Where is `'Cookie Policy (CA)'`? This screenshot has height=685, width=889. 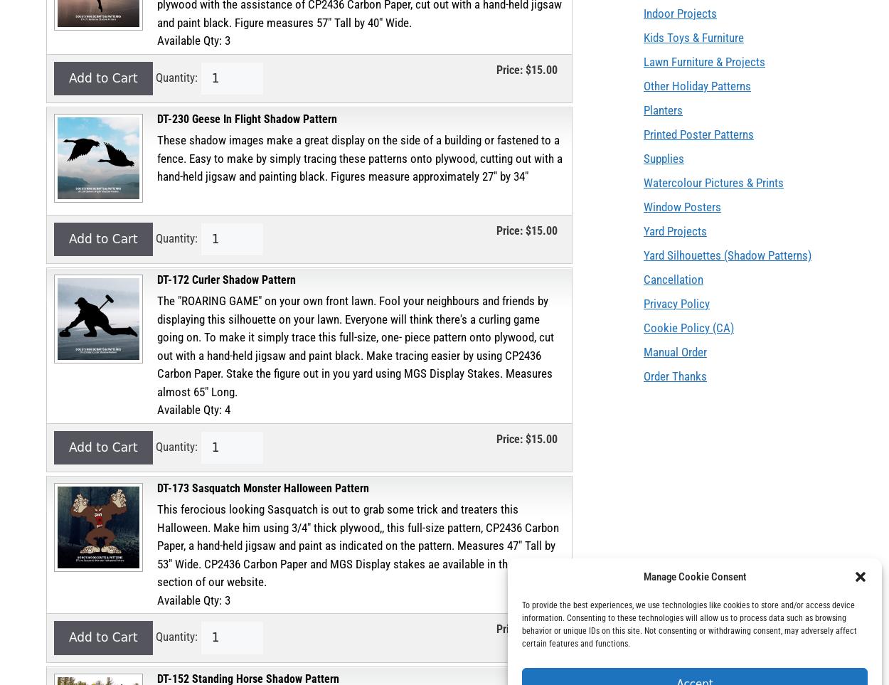
'Cookie Policy (CA)' is located at coordinates (644, 326).